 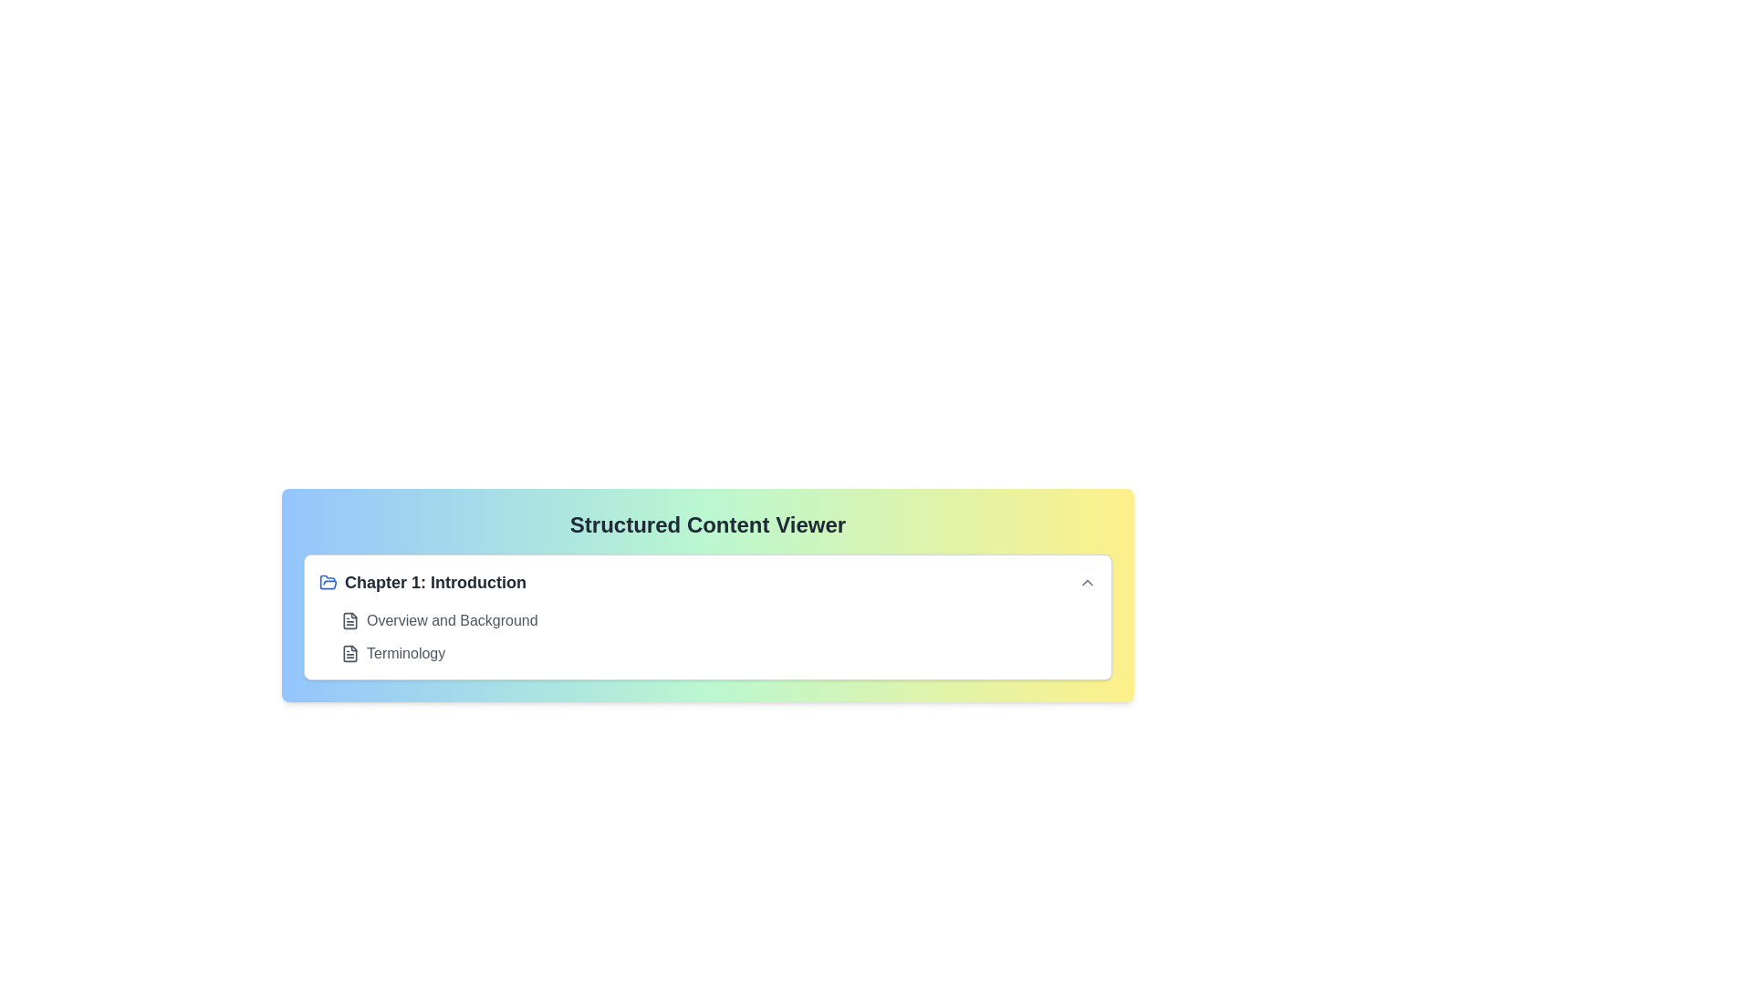 What do you see at coordinates (422, 583) in the screenshot?
I see `the Section Header with Icon that has a blue folder icon and the bold gray text 'Chapter 1: Introduction' to edit the title` at bounding box center [422, 583].